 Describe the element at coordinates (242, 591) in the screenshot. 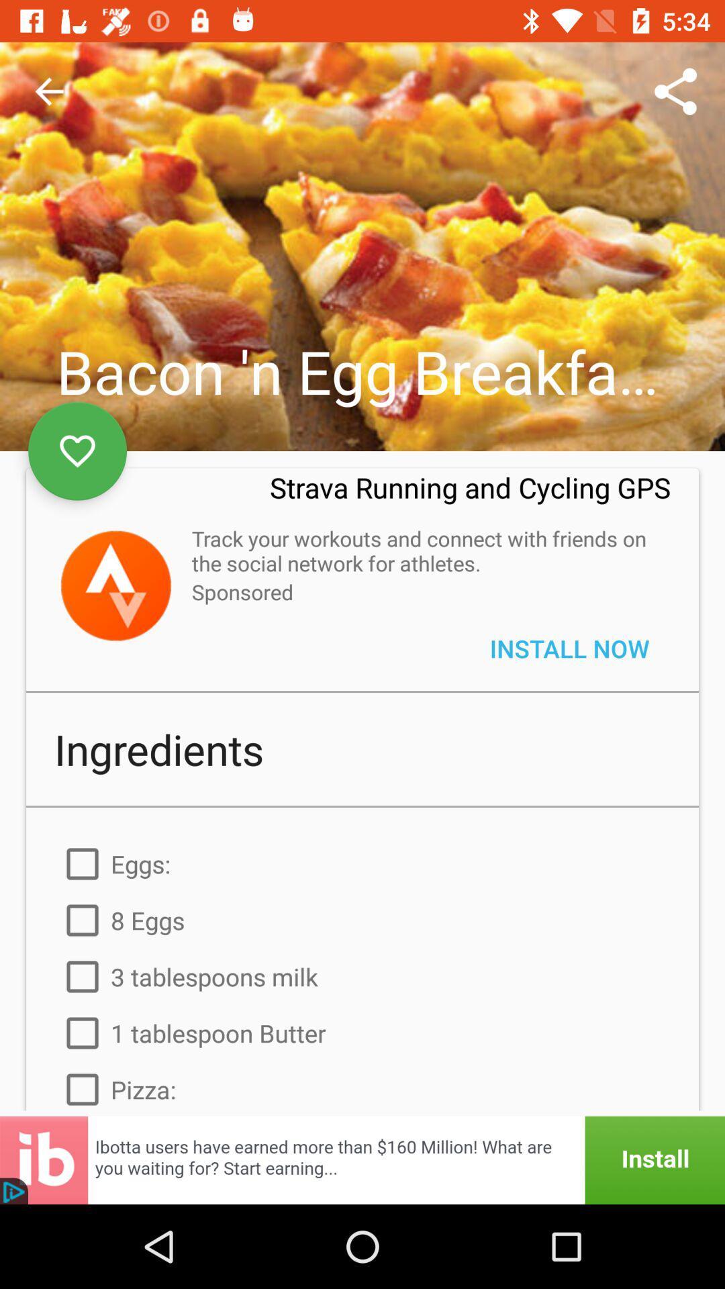

I see `the icon to the left of install now item` at that location.